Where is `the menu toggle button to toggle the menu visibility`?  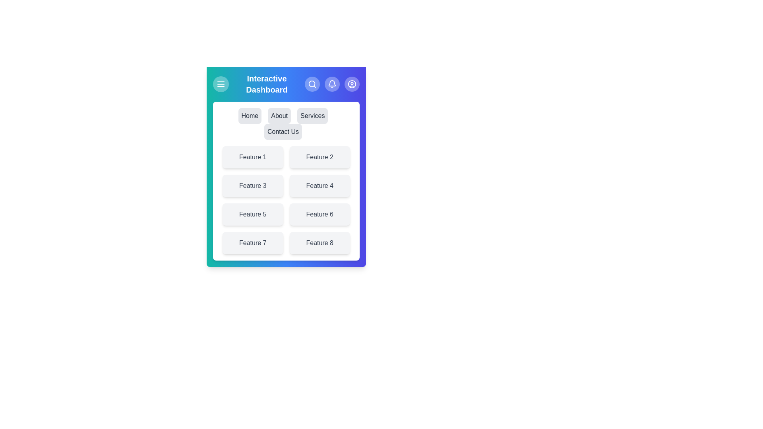 the menu toggle button to toggle the menu visibility is located at coordinates (221, 84).